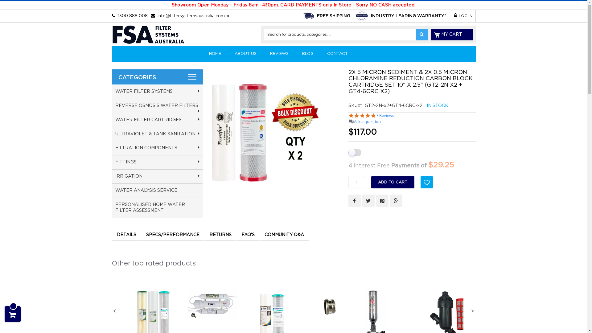 The height and width of the screenshot is (333, 592). What do you see at coordinates (421, 34) in the screenshot?
I see `'Search'` at bounding box center [421, 34].